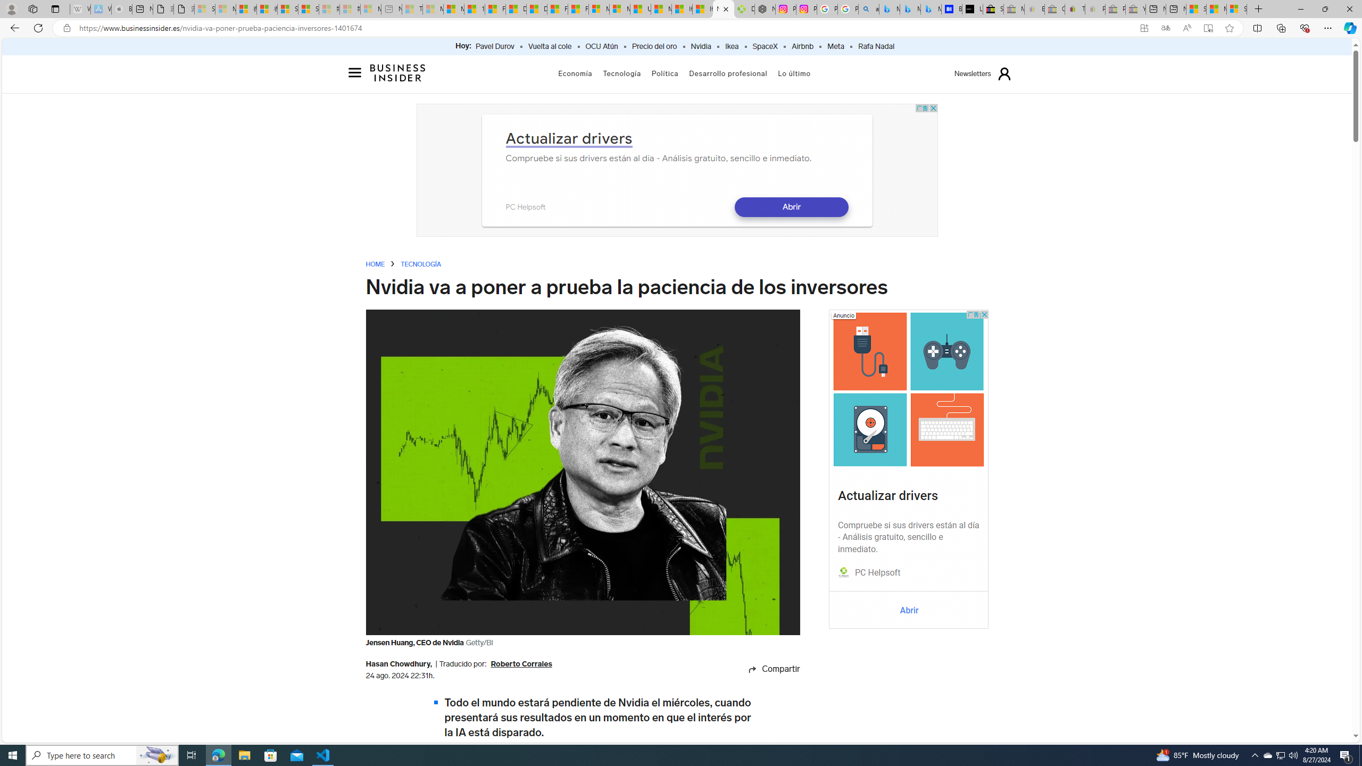  What do you see at coordinates (1115, 9) in the screenshot?
I see `'Press Room - eBay Inc. - Sleeping'` at bounding box center [1115, 9].